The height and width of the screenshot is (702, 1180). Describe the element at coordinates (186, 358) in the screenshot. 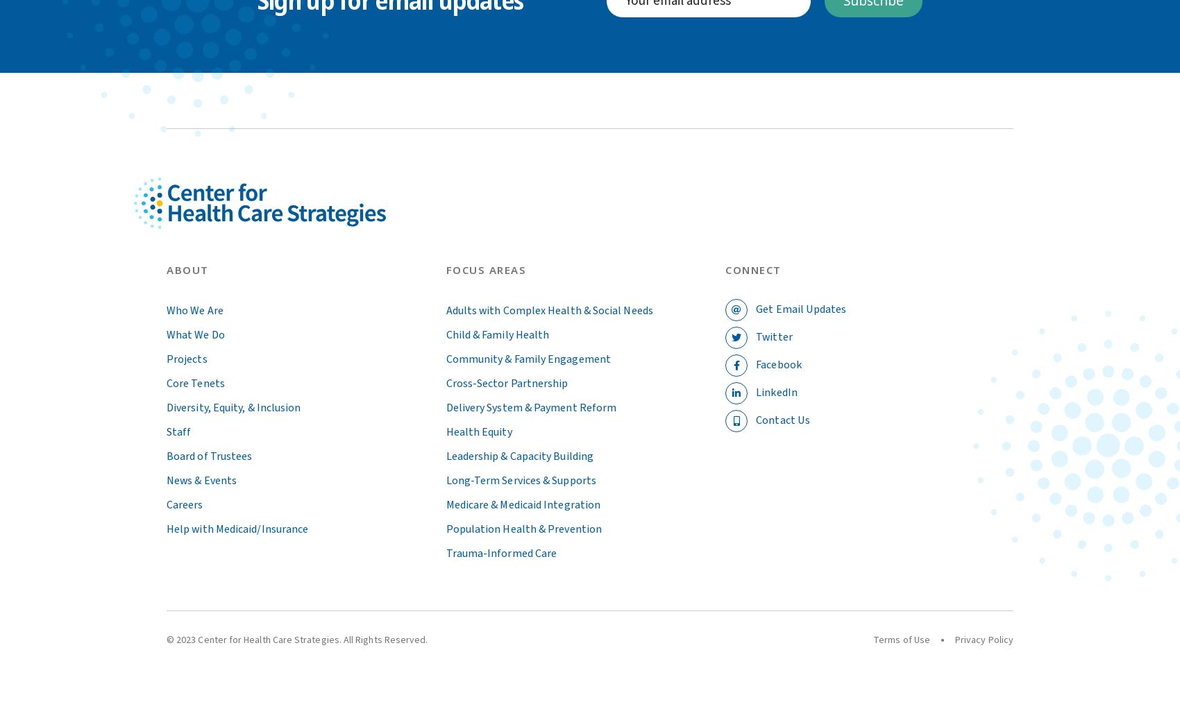

I see `'Projects'` at that location.